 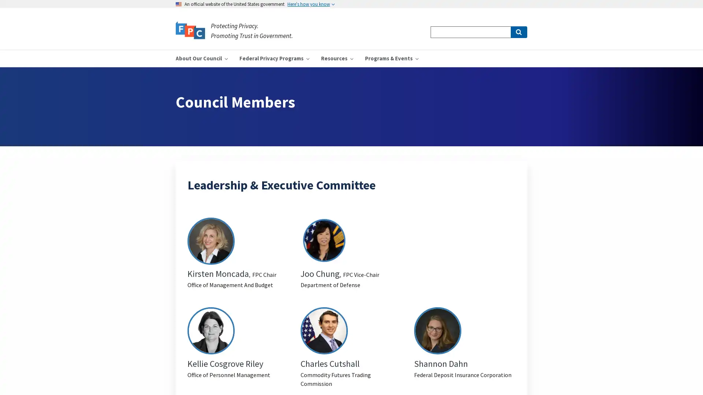 I want to click on Programs & Events, so click(x=391, y=58).